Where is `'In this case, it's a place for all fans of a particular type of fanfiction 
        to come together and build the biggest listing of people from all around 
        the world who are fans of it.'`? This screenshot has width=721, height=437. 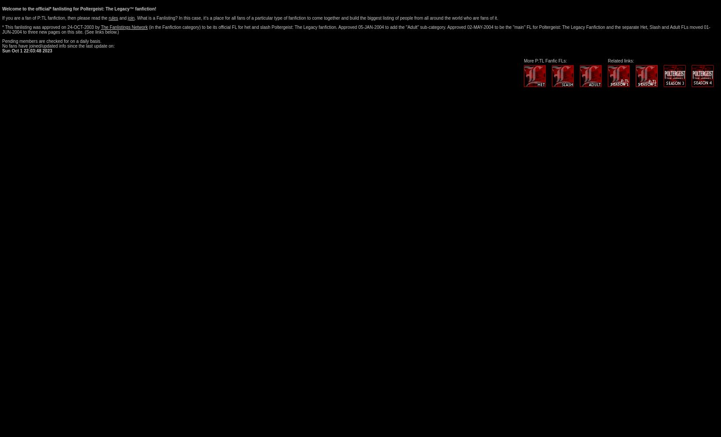
'In this case, it's a place for all fans of a particular type of fanfiction 
        to come together and build the biggest listing of people from all around 
        the world who are fans of it.' is located at coordinates (338, 18).